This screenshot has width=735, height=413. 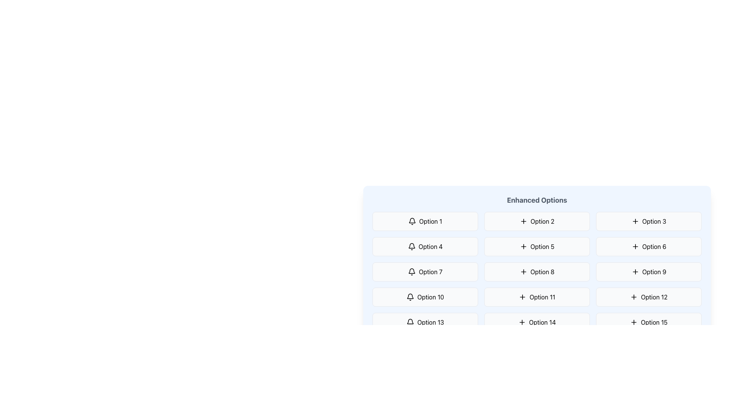 I want to click on the 'Option 8' button, which is a rectangular button with a light gray background, rounded borders, and bold text, accompanied by a '+' icon, so click(x=536, y=271).